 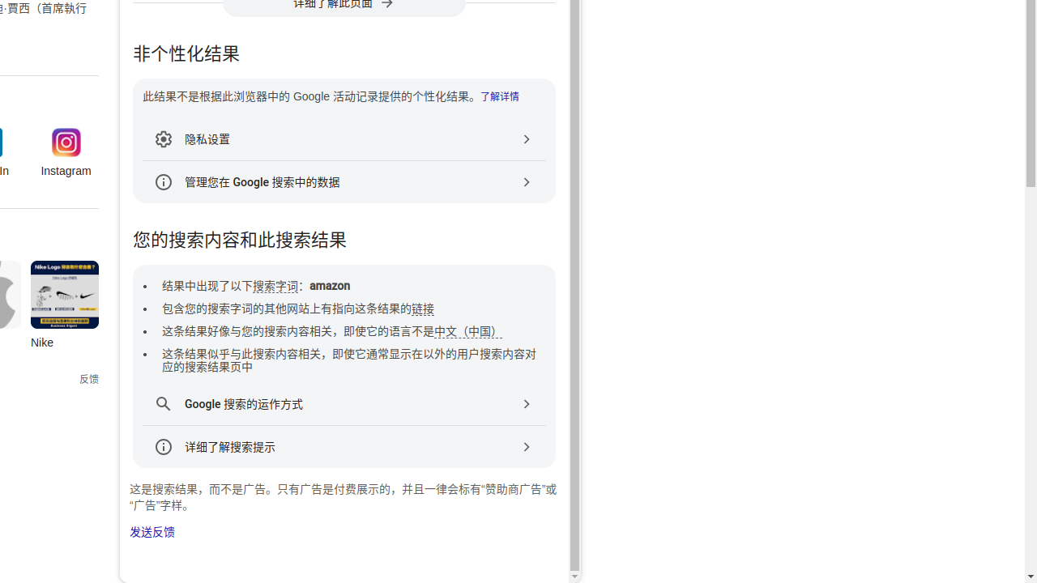 I want to click on '包含您的搜索字词的其他网站上有指向这条结果的链接', so click(x=298, y=309).